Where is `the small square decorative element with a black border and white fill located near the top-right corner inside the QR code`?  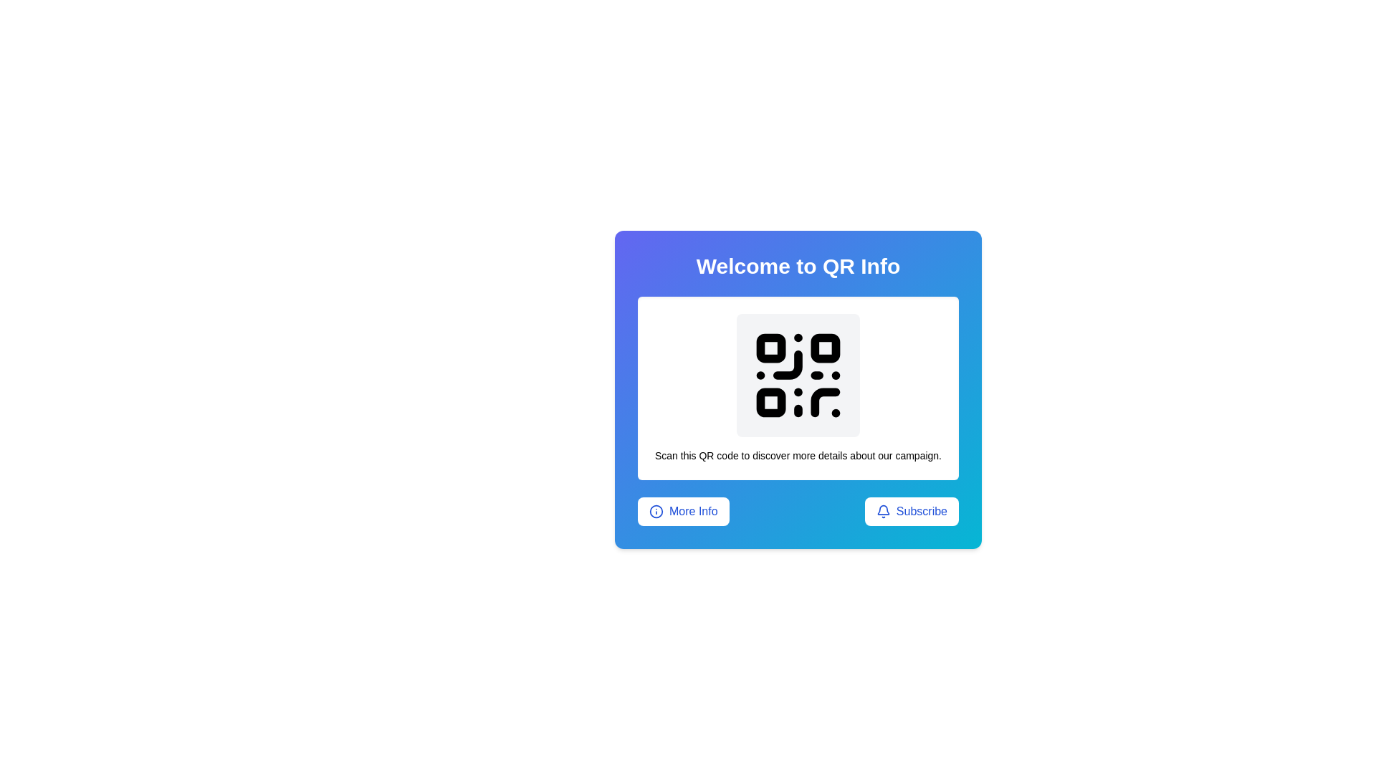 the small square decorative element with a black border and white fill located near the top-right corner inside the QR code is located at coordinates (826, 348).